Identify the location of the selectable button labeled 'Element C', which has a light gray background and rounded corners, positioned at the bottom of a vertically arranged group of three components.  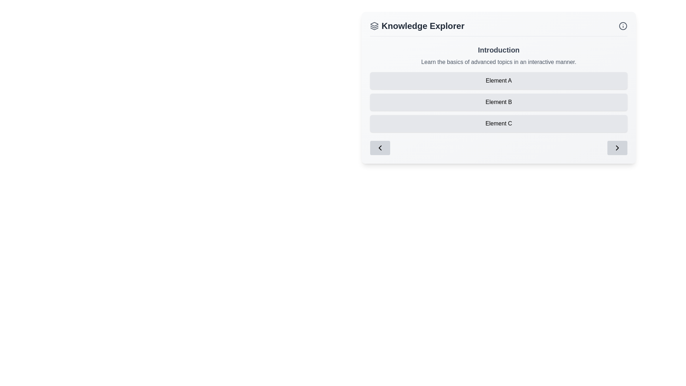
(498, 123).